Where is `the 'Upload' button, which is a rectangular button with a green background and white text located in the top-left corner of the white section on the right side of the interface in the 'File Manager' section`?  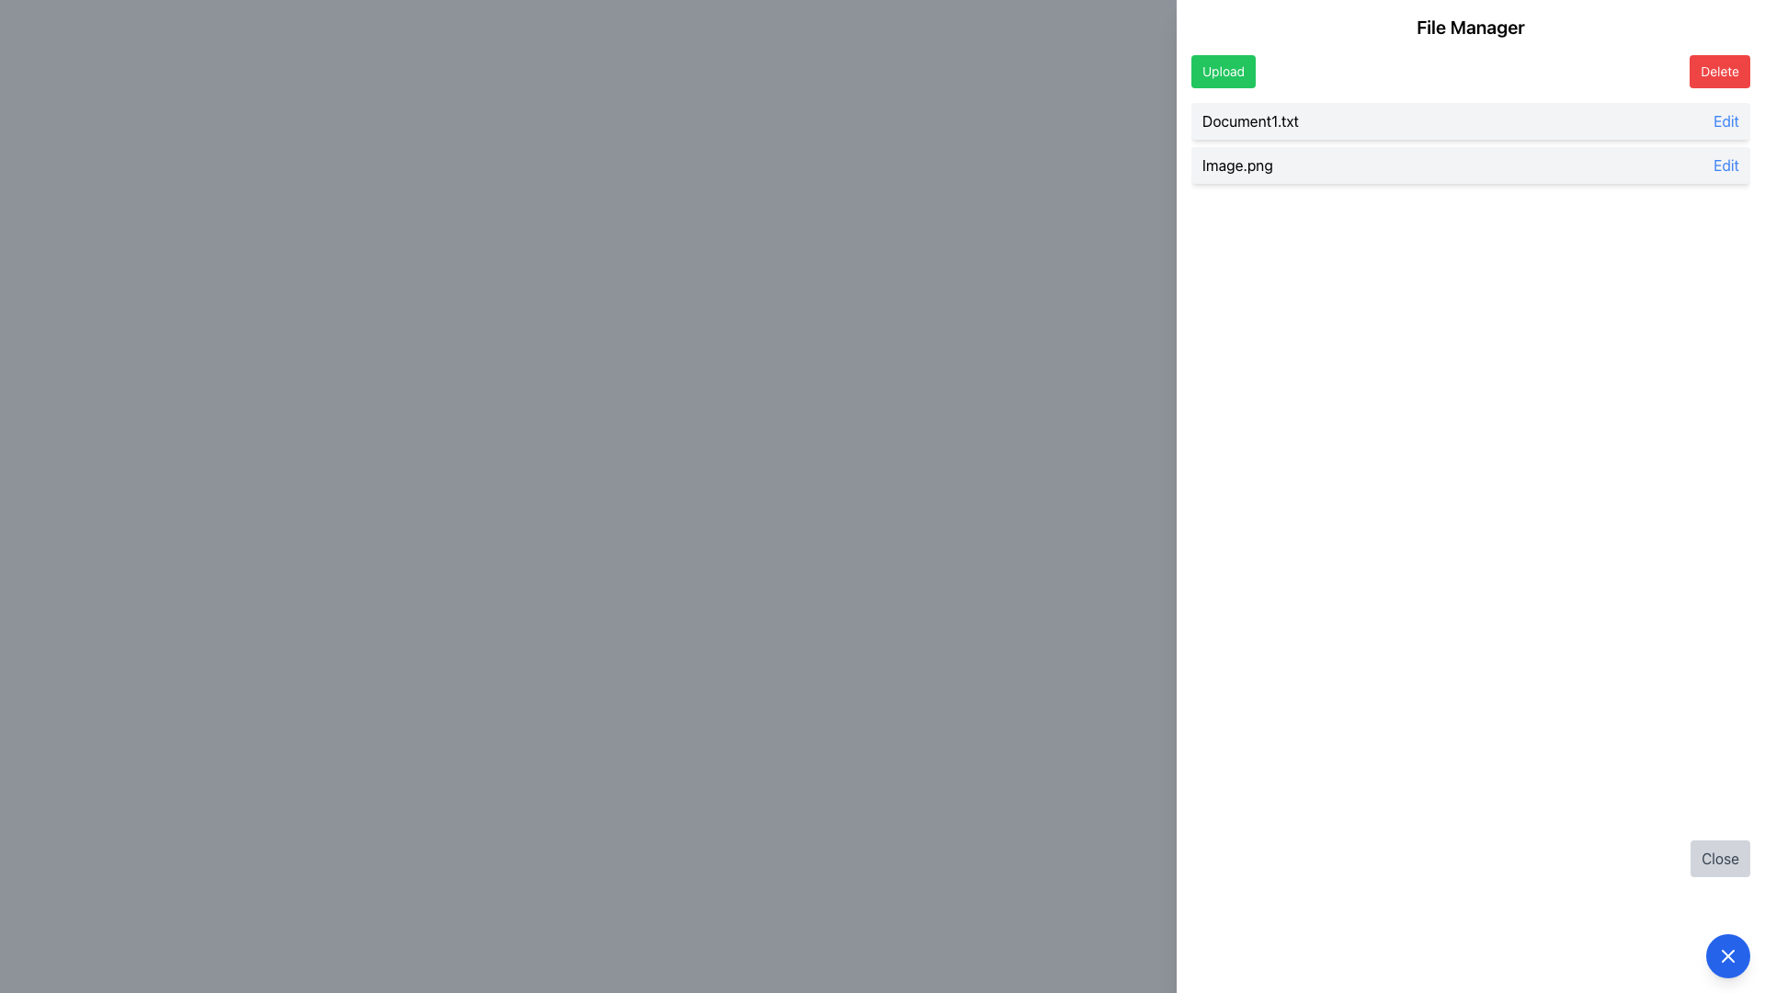
the 'Upload' button, which is a rectangular button with a green background and white text located in the top-left corner of the white section on the right side of the interface in the 'File Manager' section is located at coordinates (1224, 70).